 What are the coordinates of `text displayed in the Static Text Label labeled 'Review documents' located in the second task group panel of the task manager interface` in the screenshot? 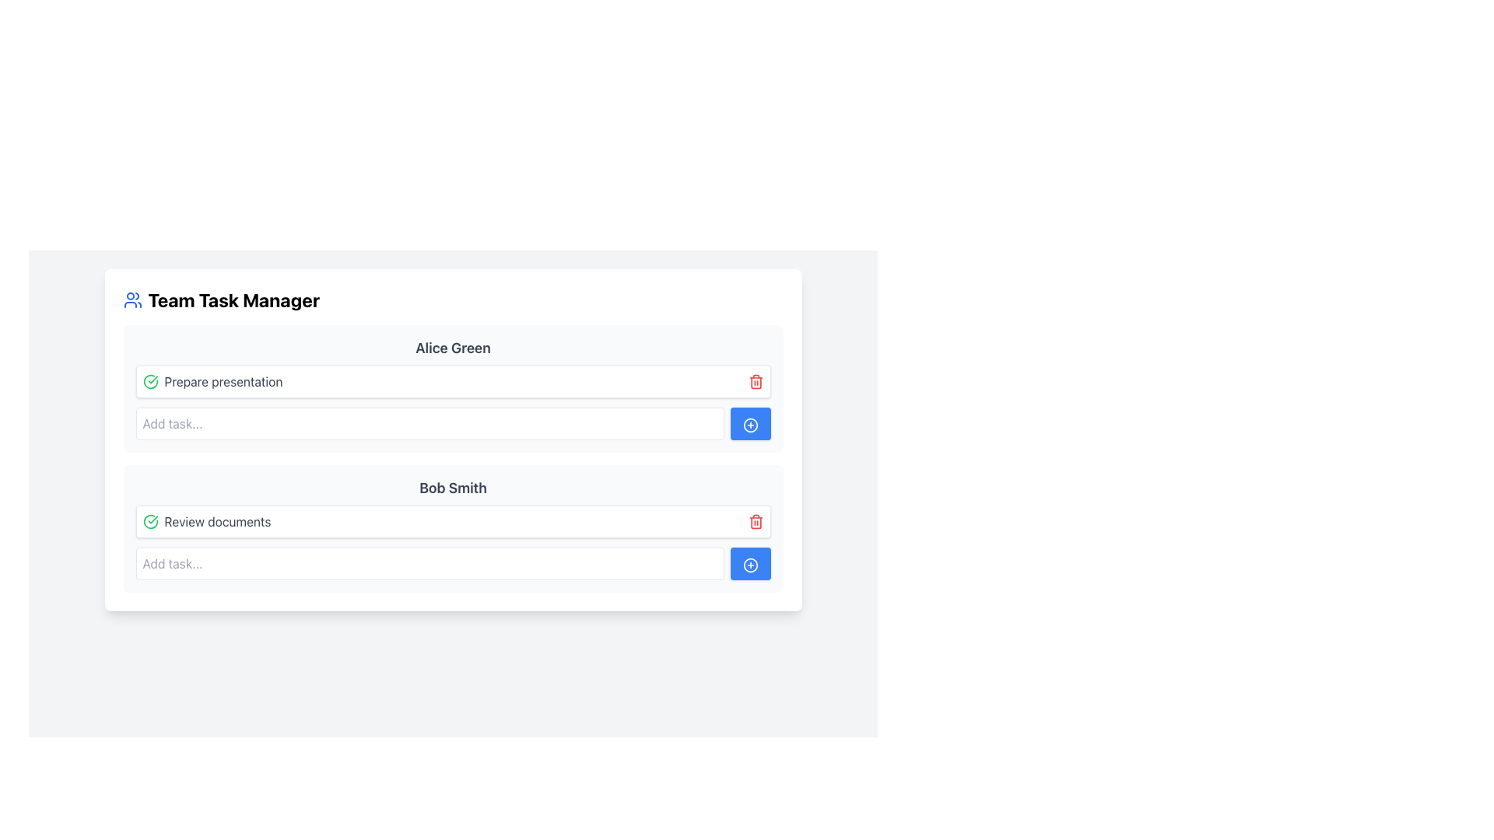 It's located at (452, 488).